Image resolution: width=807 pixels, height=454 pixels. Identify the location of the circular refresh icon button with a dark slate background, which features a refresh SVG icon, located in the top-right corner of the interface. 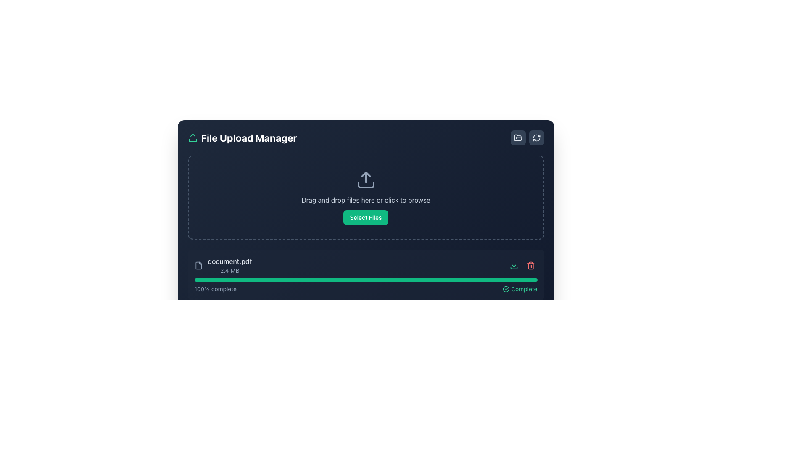
(536, 137).